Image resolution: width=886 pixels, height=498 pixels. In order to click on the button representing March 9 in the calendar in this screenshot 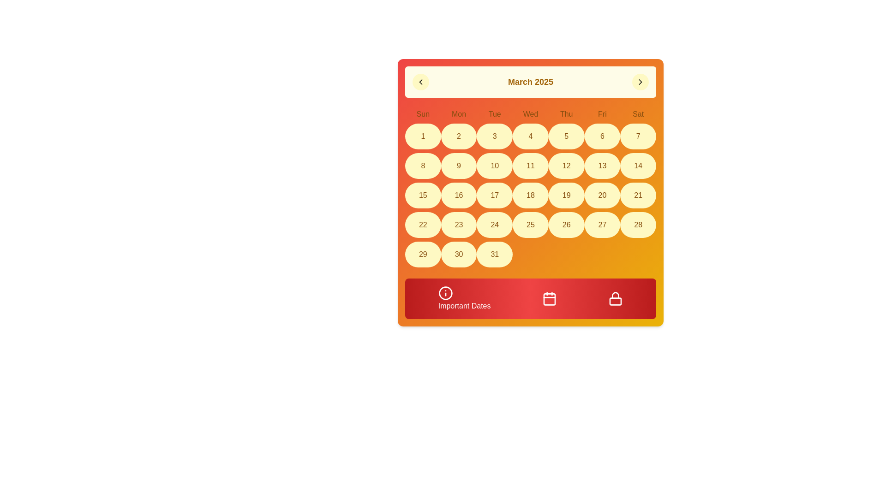, I will do `click(459, 165)`.